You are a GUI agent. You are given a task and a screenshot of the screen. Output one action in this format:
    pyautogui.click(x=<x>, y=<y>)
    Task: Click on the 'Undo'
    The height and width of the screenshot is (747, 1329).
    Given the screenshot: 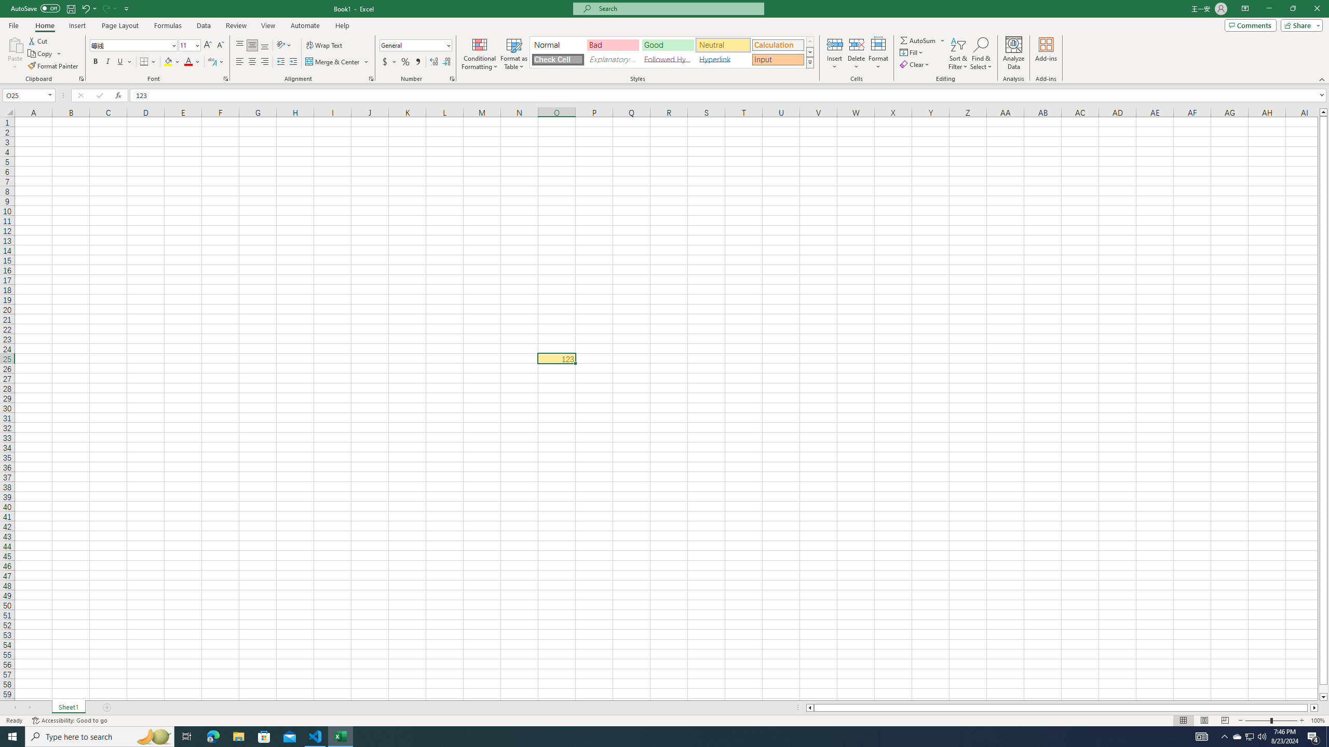 What is the action you would take?
    pyautogui.click(x=88, y=8)
    